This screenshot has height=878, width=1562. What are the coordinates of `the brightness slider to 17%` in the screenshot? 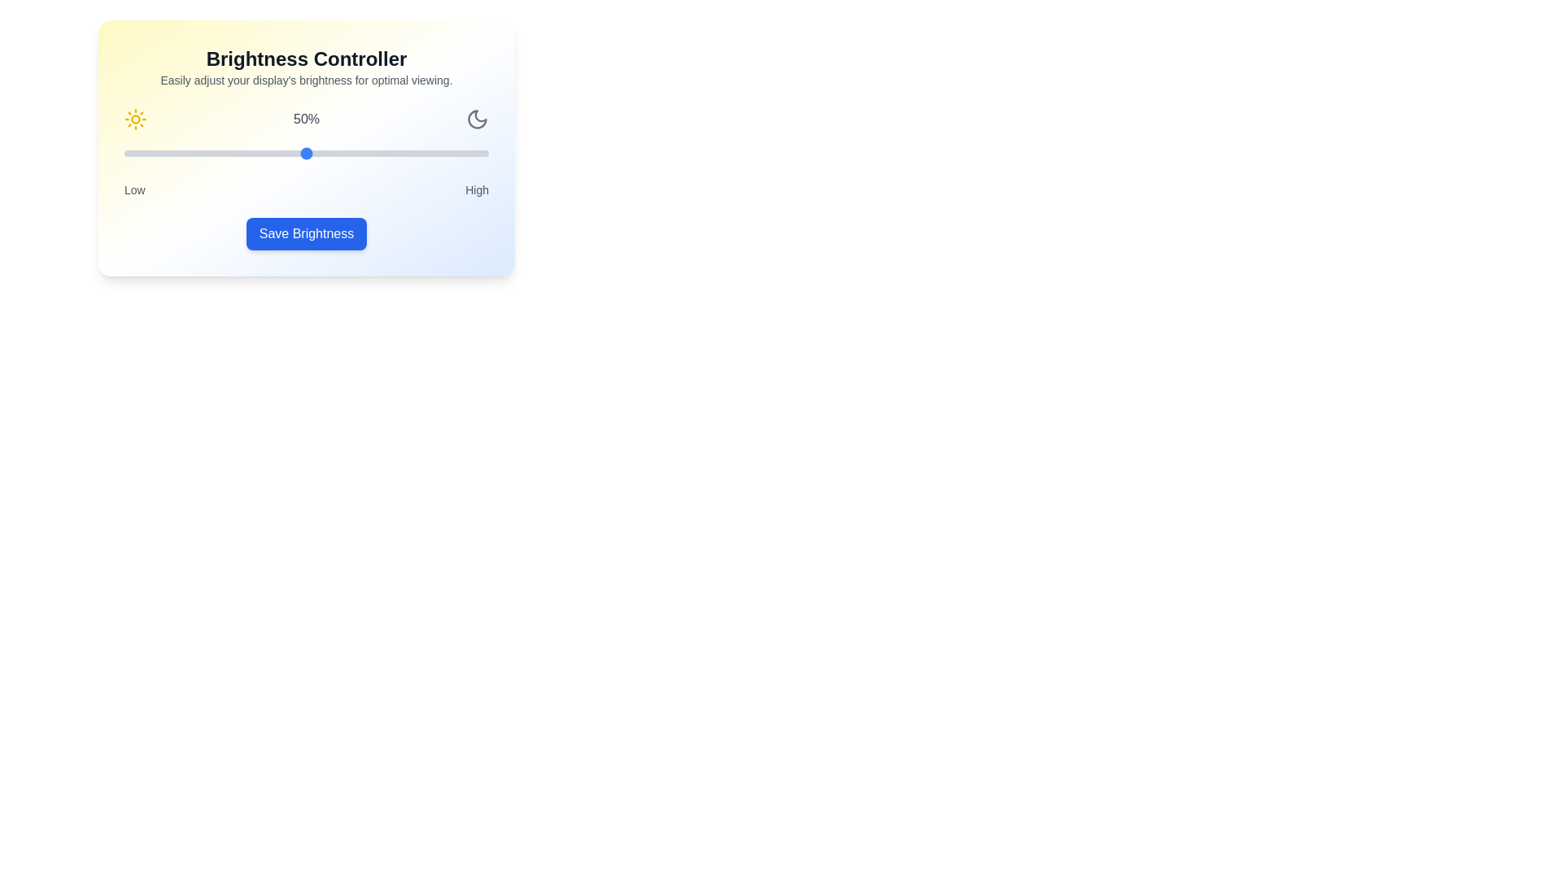 It's located at (186, 154).